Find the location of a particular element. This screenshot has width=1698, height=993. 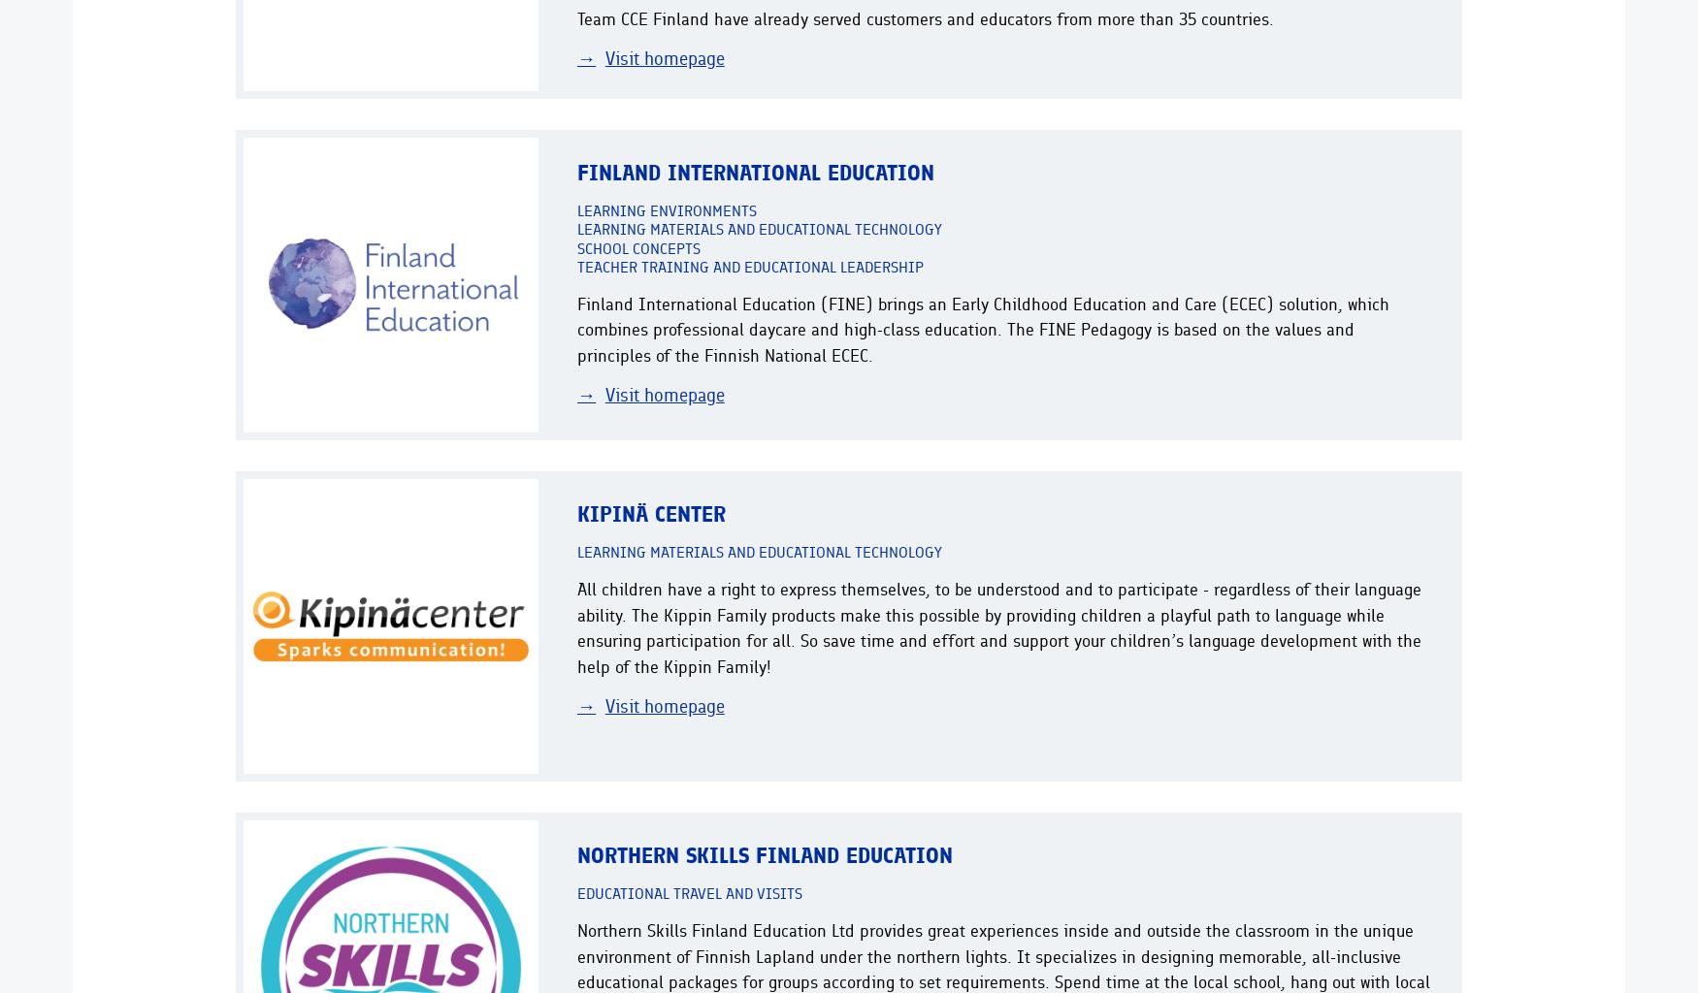

'Finland International Education' is located at coordinates (754, 172).